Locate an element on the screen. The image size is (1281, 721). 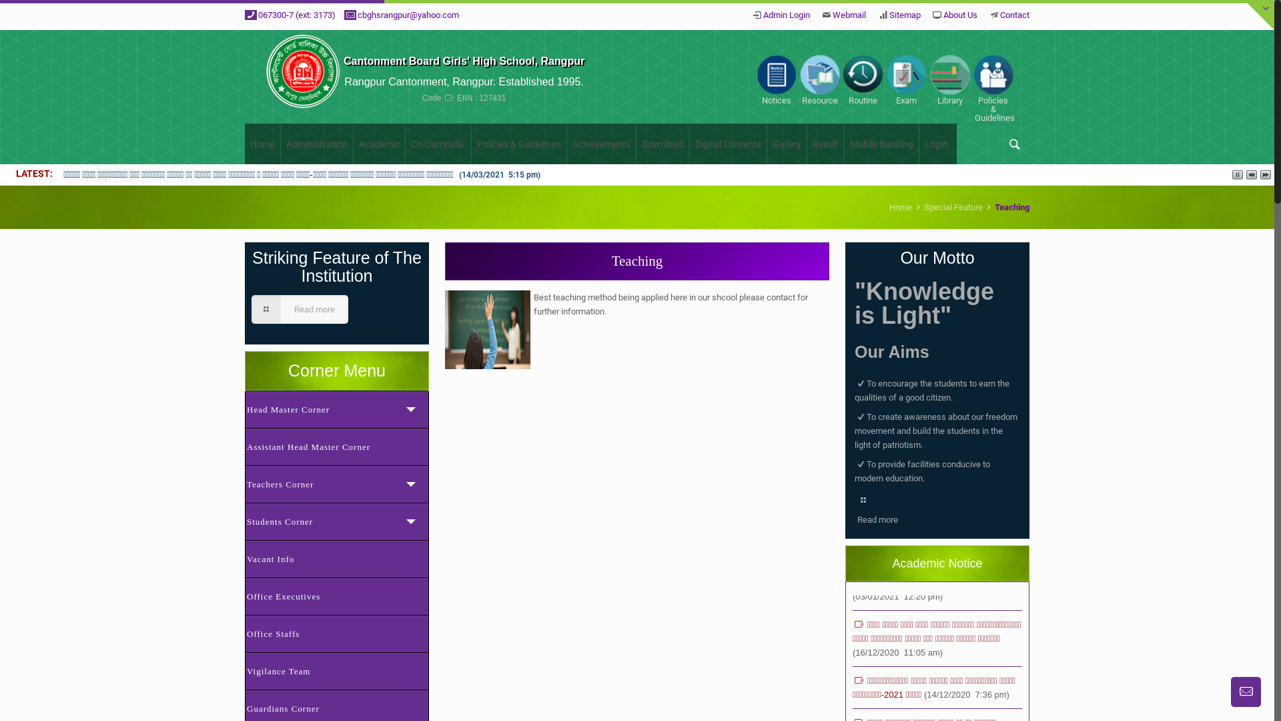
'About Us' is located at coordinates (943, 15).